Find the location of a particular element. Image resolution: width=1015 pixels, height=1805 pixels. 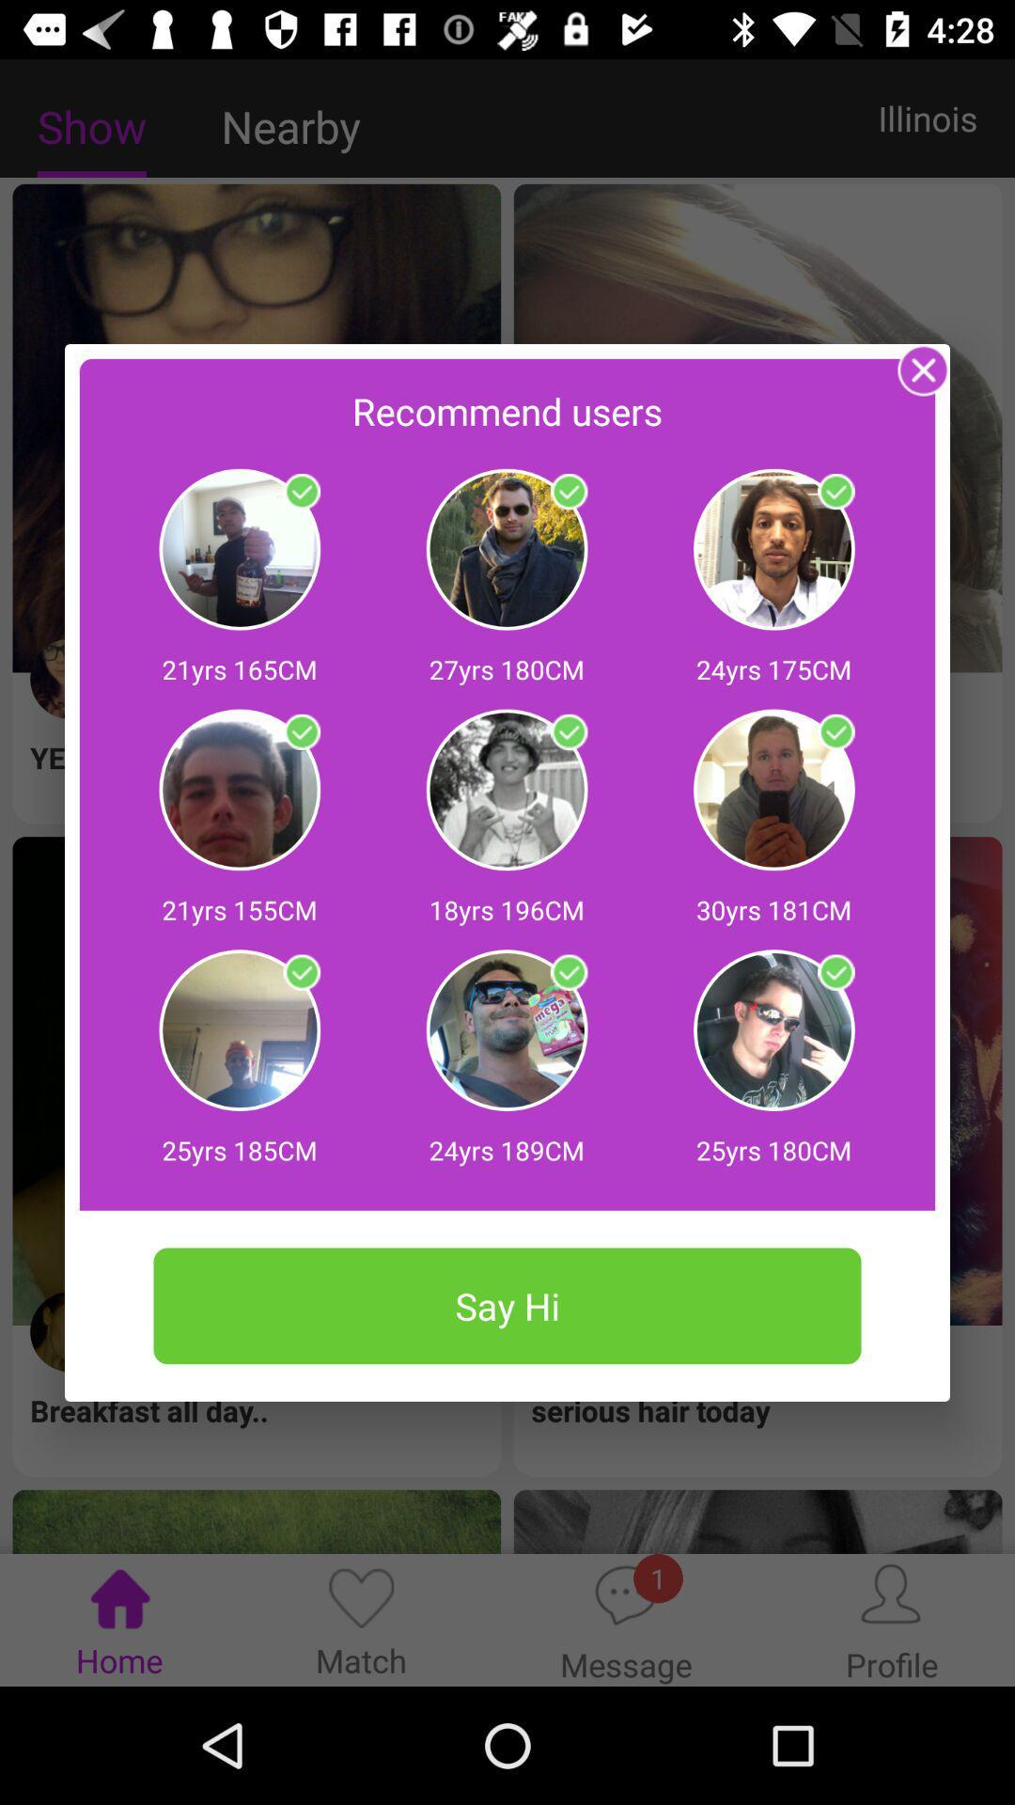

profile is located at coordinates (835, 492).